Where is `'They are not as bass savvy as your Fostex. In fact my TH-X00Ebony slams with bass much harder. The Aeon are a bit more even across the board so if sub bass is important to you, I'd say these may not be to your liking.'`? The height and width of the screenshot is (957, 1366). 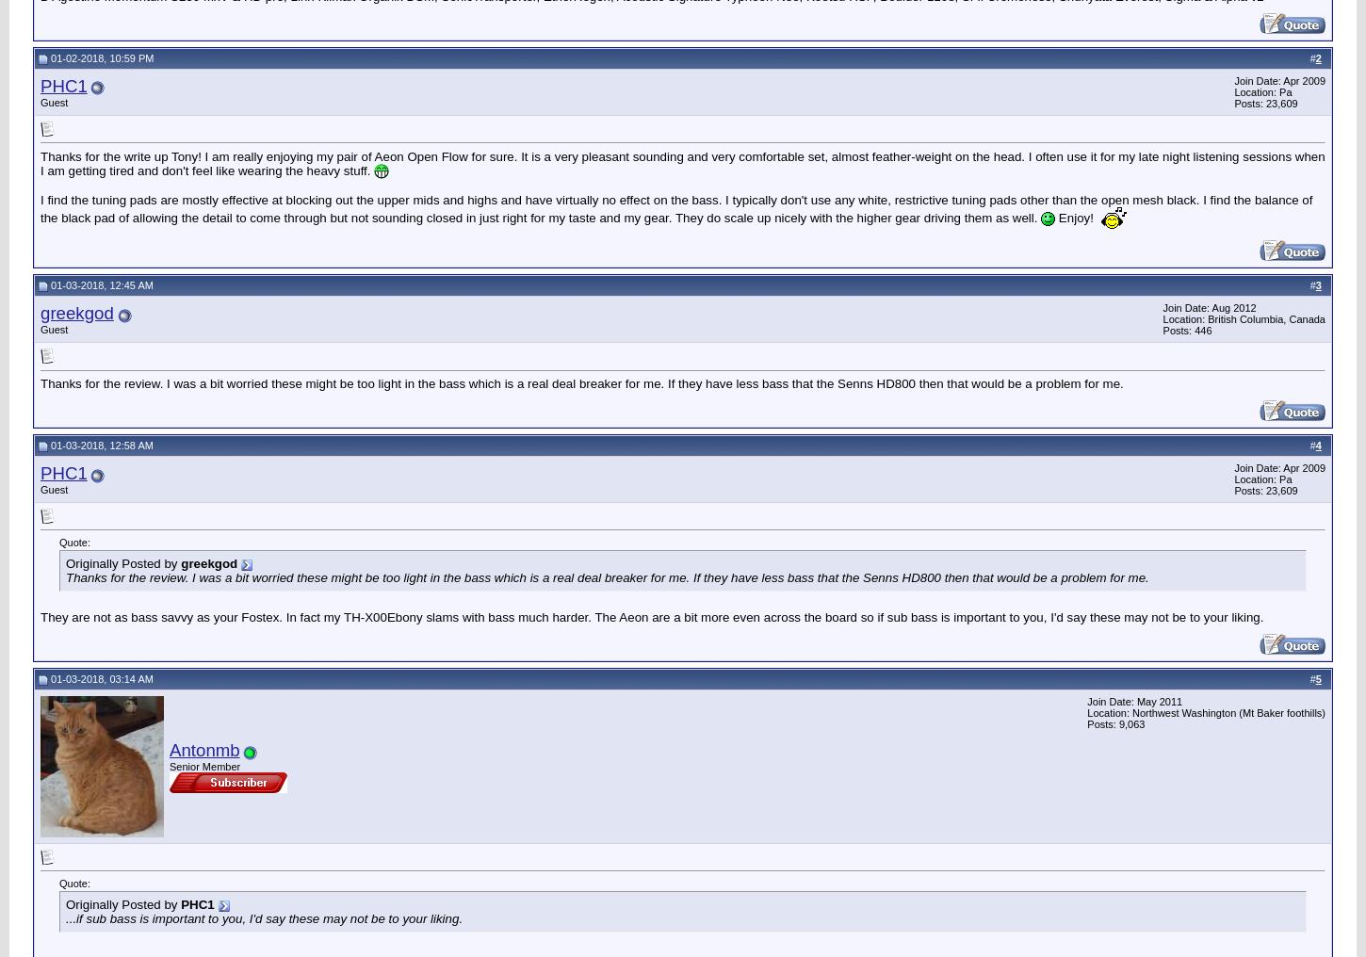
'They are not as bass savvy as your Fostex. In fact my TH-X00Ebony slams with bass much harder. The Aeon are a bit more even across the board so if sub bass is important to you, I'd say these may not be to your liking.' is located at coordinates (41, 616).